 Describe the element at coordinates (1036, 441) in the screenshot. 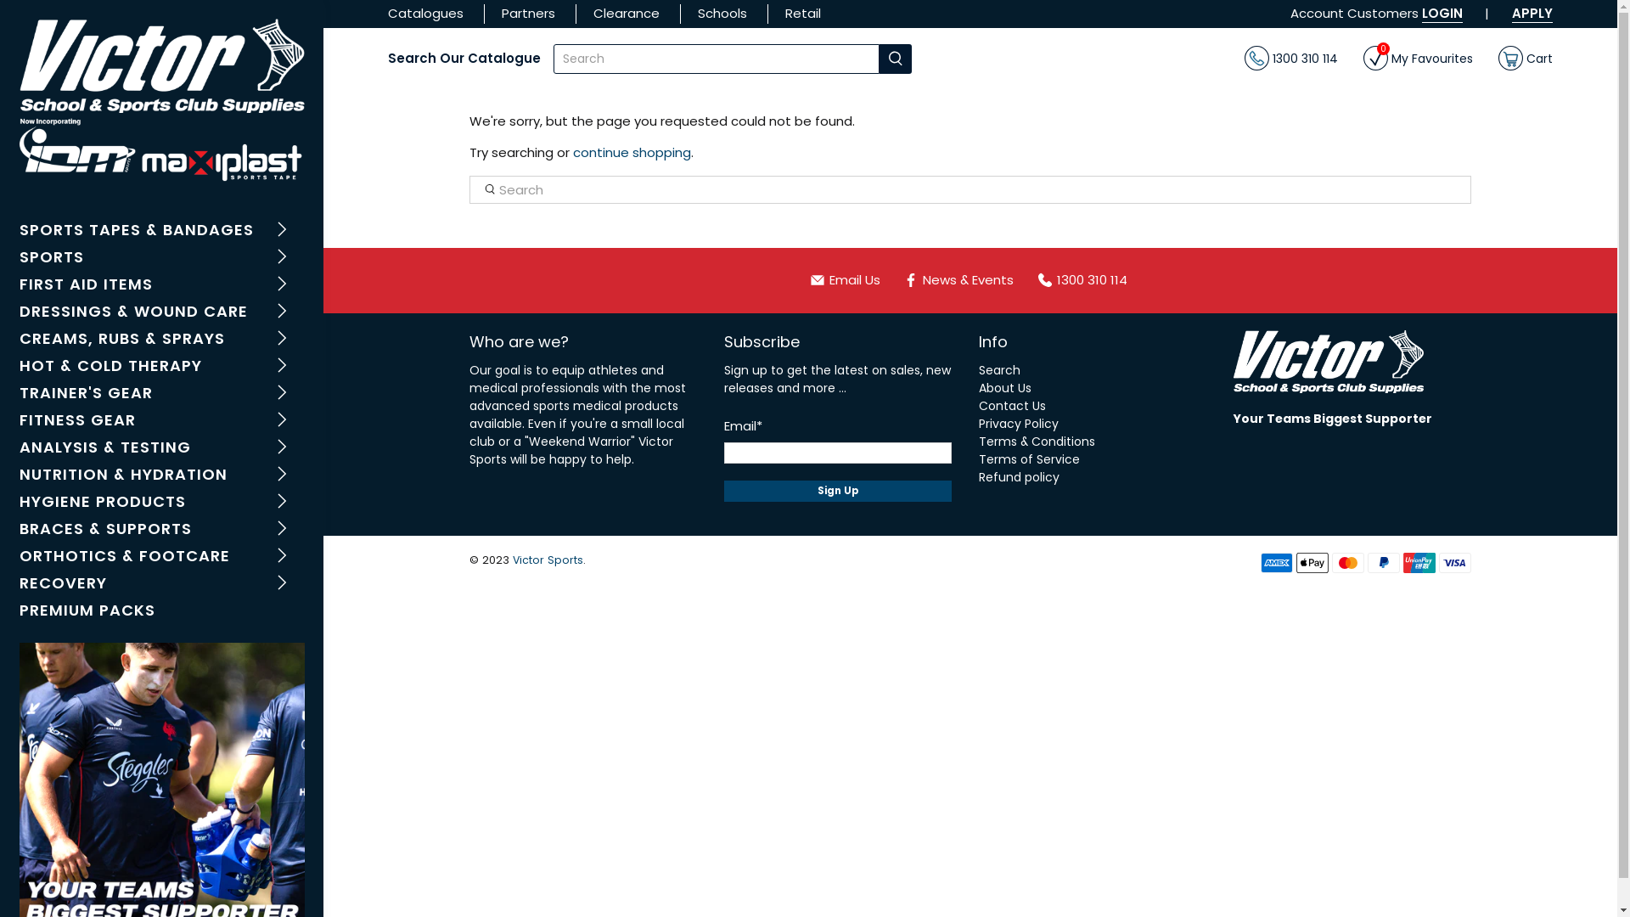

I see `'Terms & Conditions'` at that location.